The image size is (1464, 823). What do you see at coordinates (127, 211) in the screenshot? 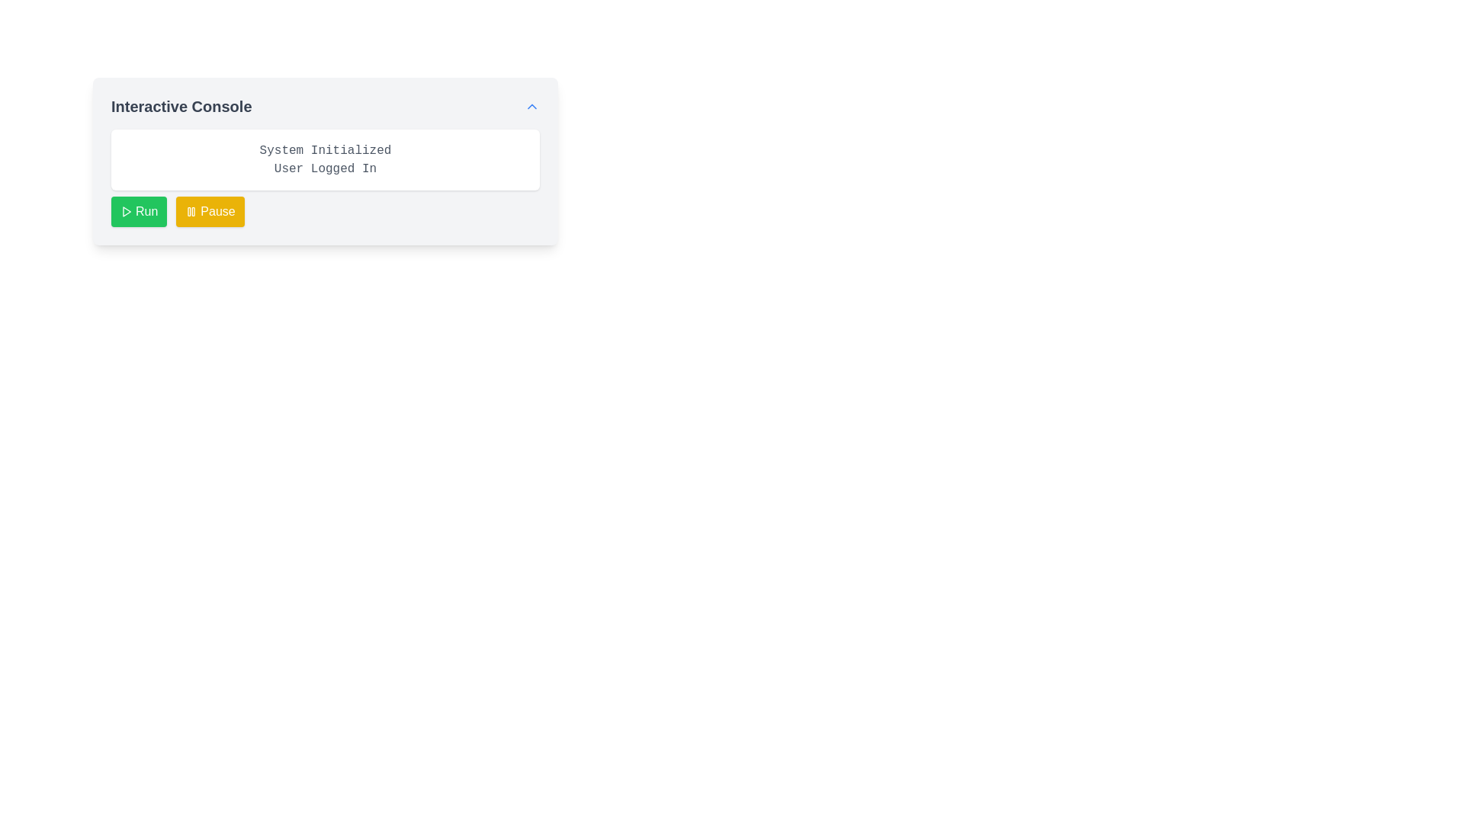
I see `the triangular play symbol inside the green 'Run' button located on the lower-left side of the Interactive Console interface` at bounding box center [127, 211].